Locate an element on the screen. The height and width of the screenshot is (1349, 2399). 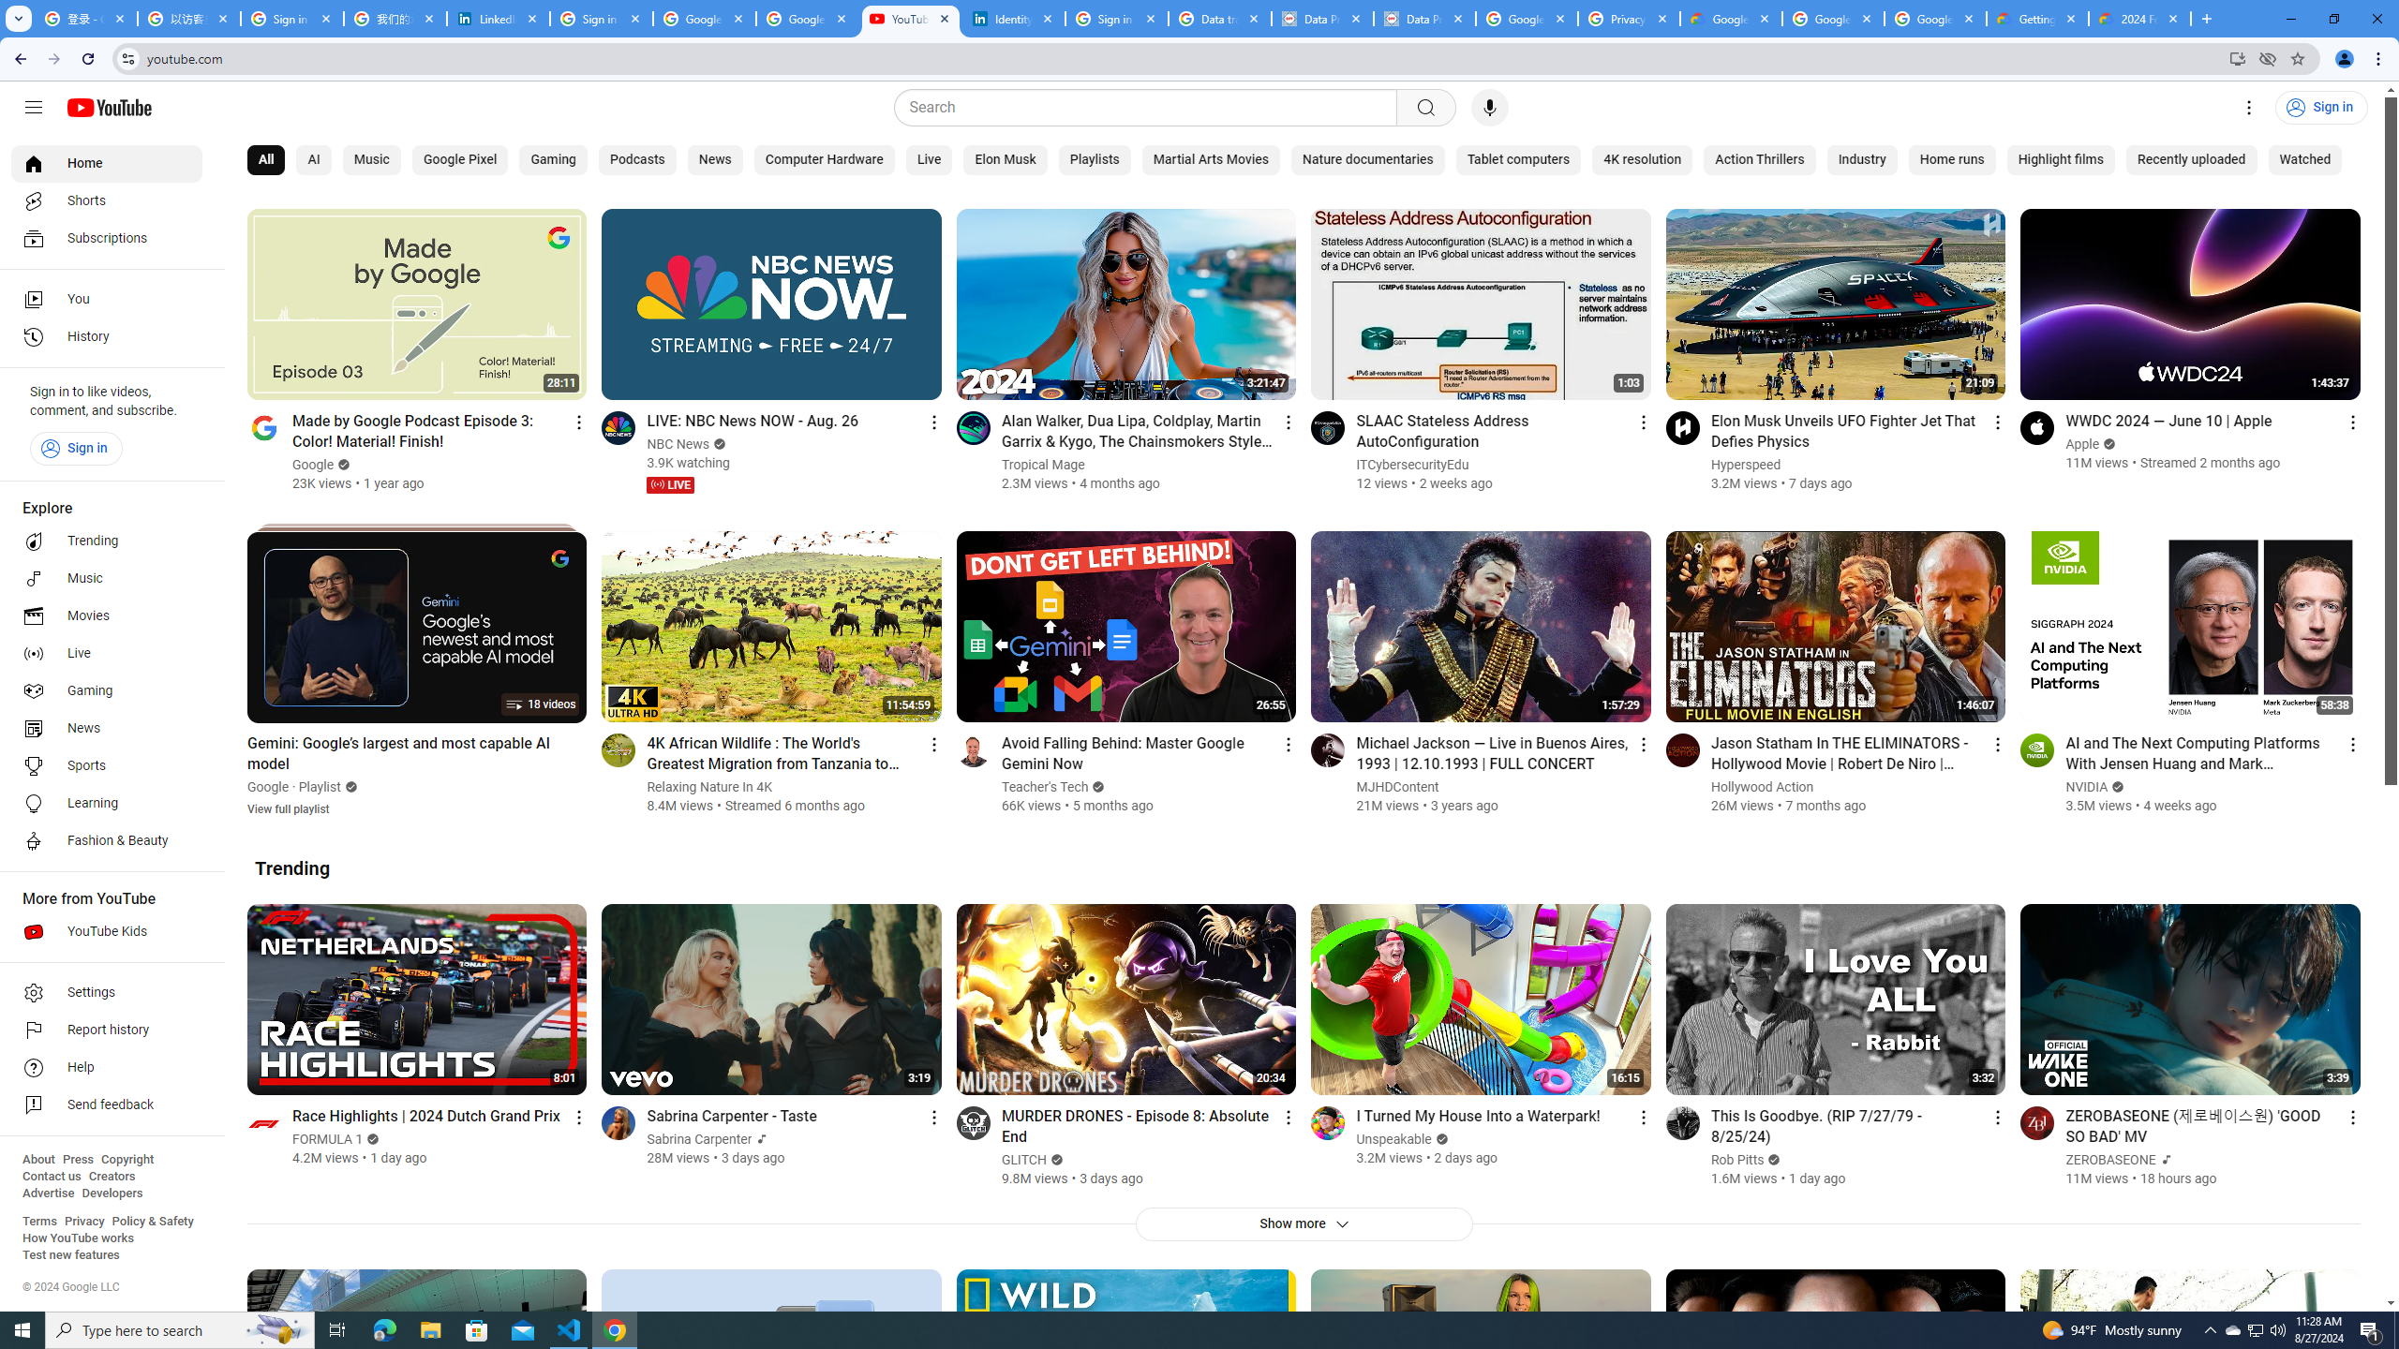
'Nature documentaries' is located at coordinates (1367, 160).